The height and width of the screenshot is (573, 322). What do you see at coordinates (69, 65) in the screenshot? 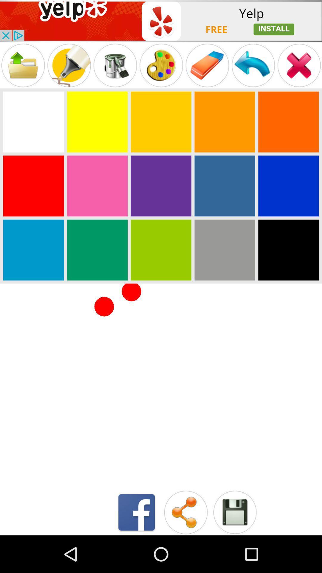
I see `use pen` at bounding box center [69, 65].